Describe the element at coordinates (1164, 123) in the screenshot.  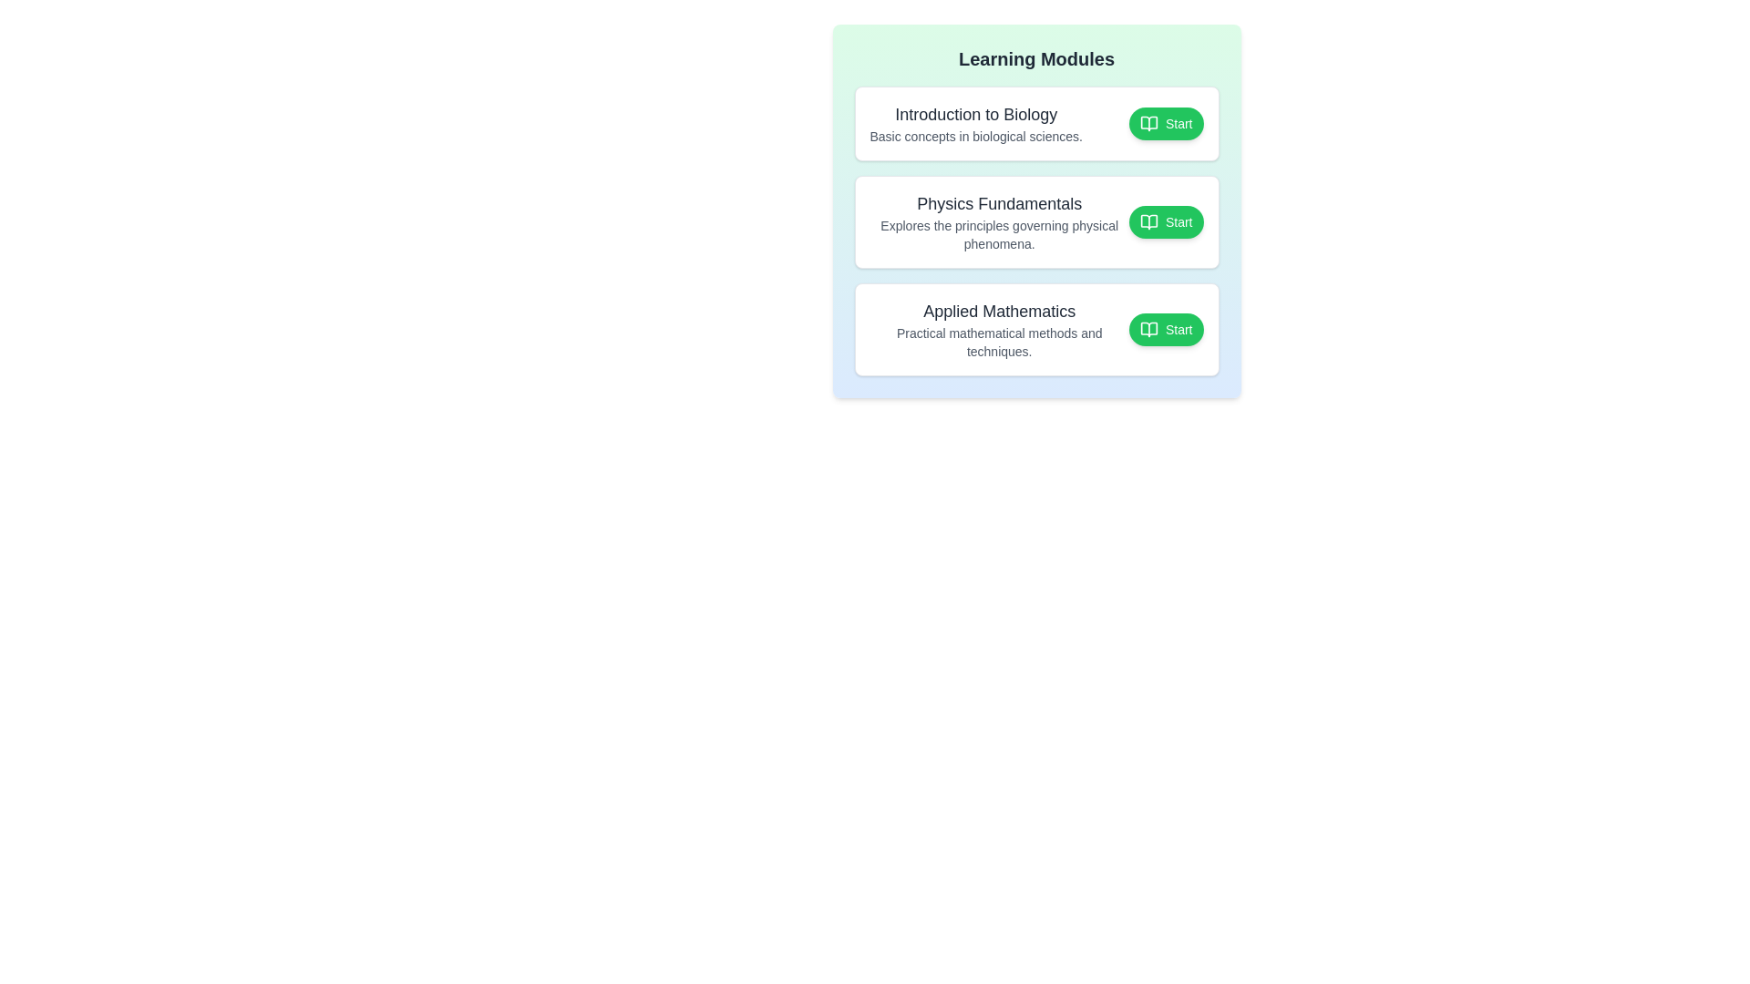
I see `the 'Start' button of the module titled 'Introduction to Biology' to toggle its completion state` at that location.